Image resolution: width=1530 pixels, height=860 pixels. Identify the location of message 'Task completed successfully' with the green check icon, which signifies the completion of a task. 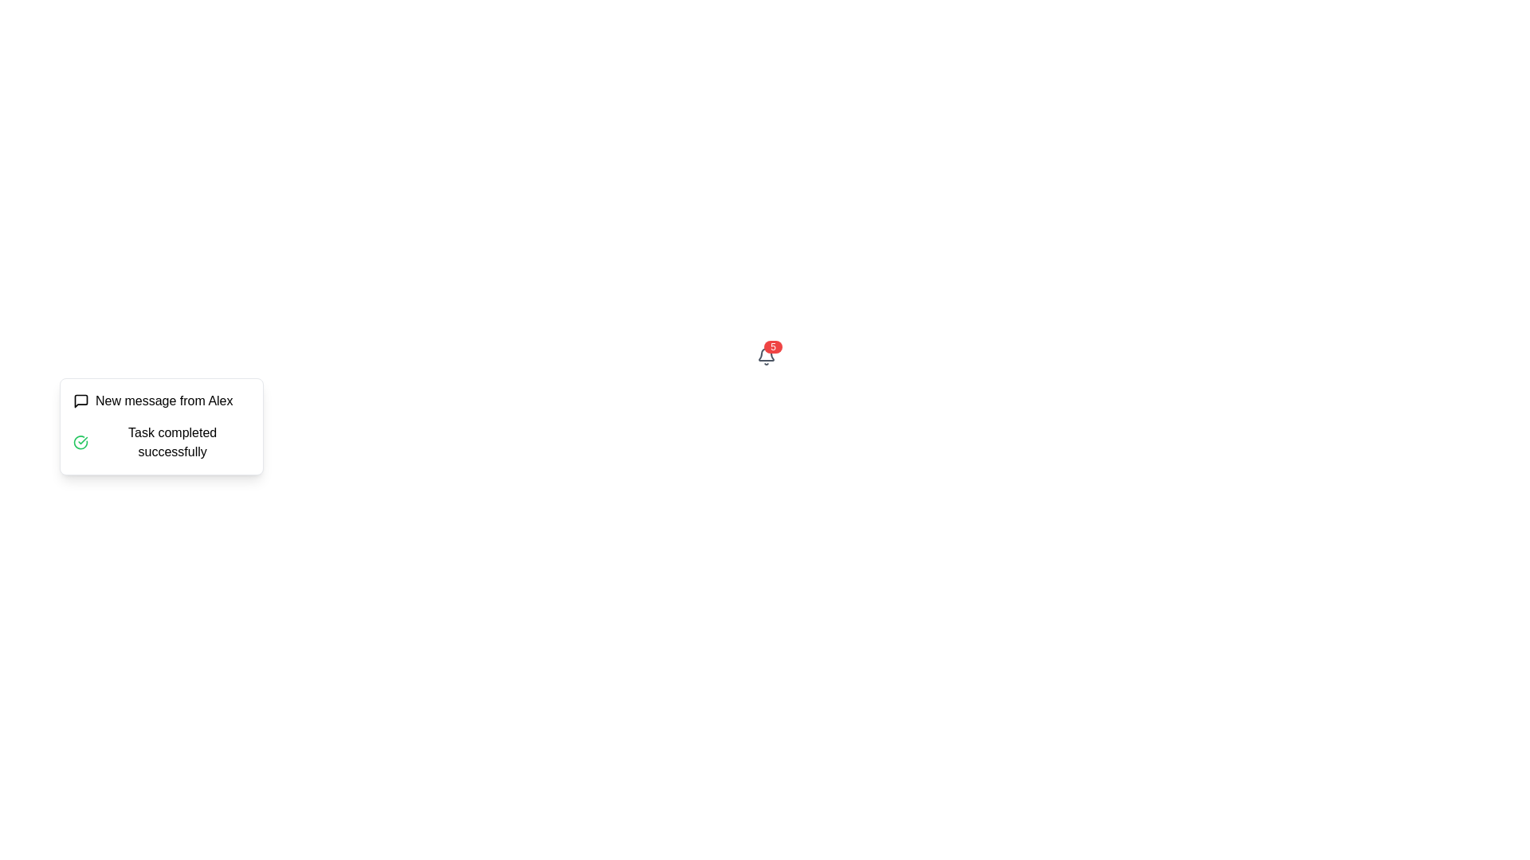
(161, 442).